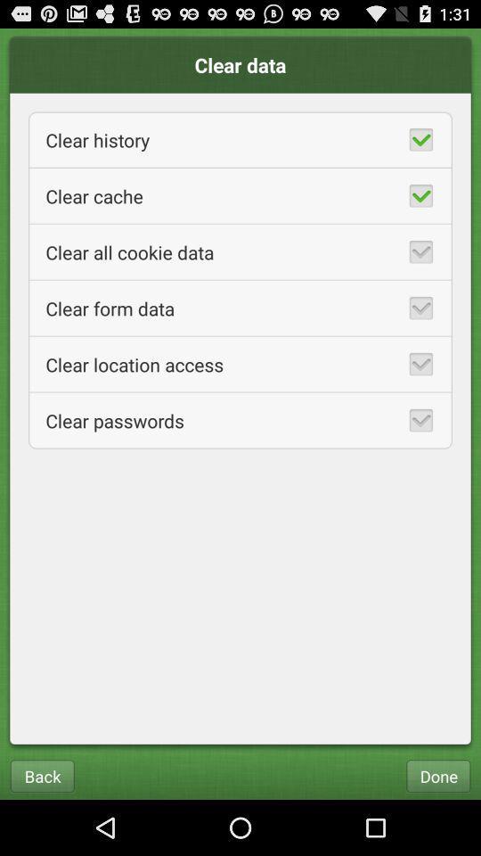 The width and height of the screenshot is (481, 856). Describe the element at coordinates (240, 420) in the screenshot. I see `the clear passwords app` at that location.